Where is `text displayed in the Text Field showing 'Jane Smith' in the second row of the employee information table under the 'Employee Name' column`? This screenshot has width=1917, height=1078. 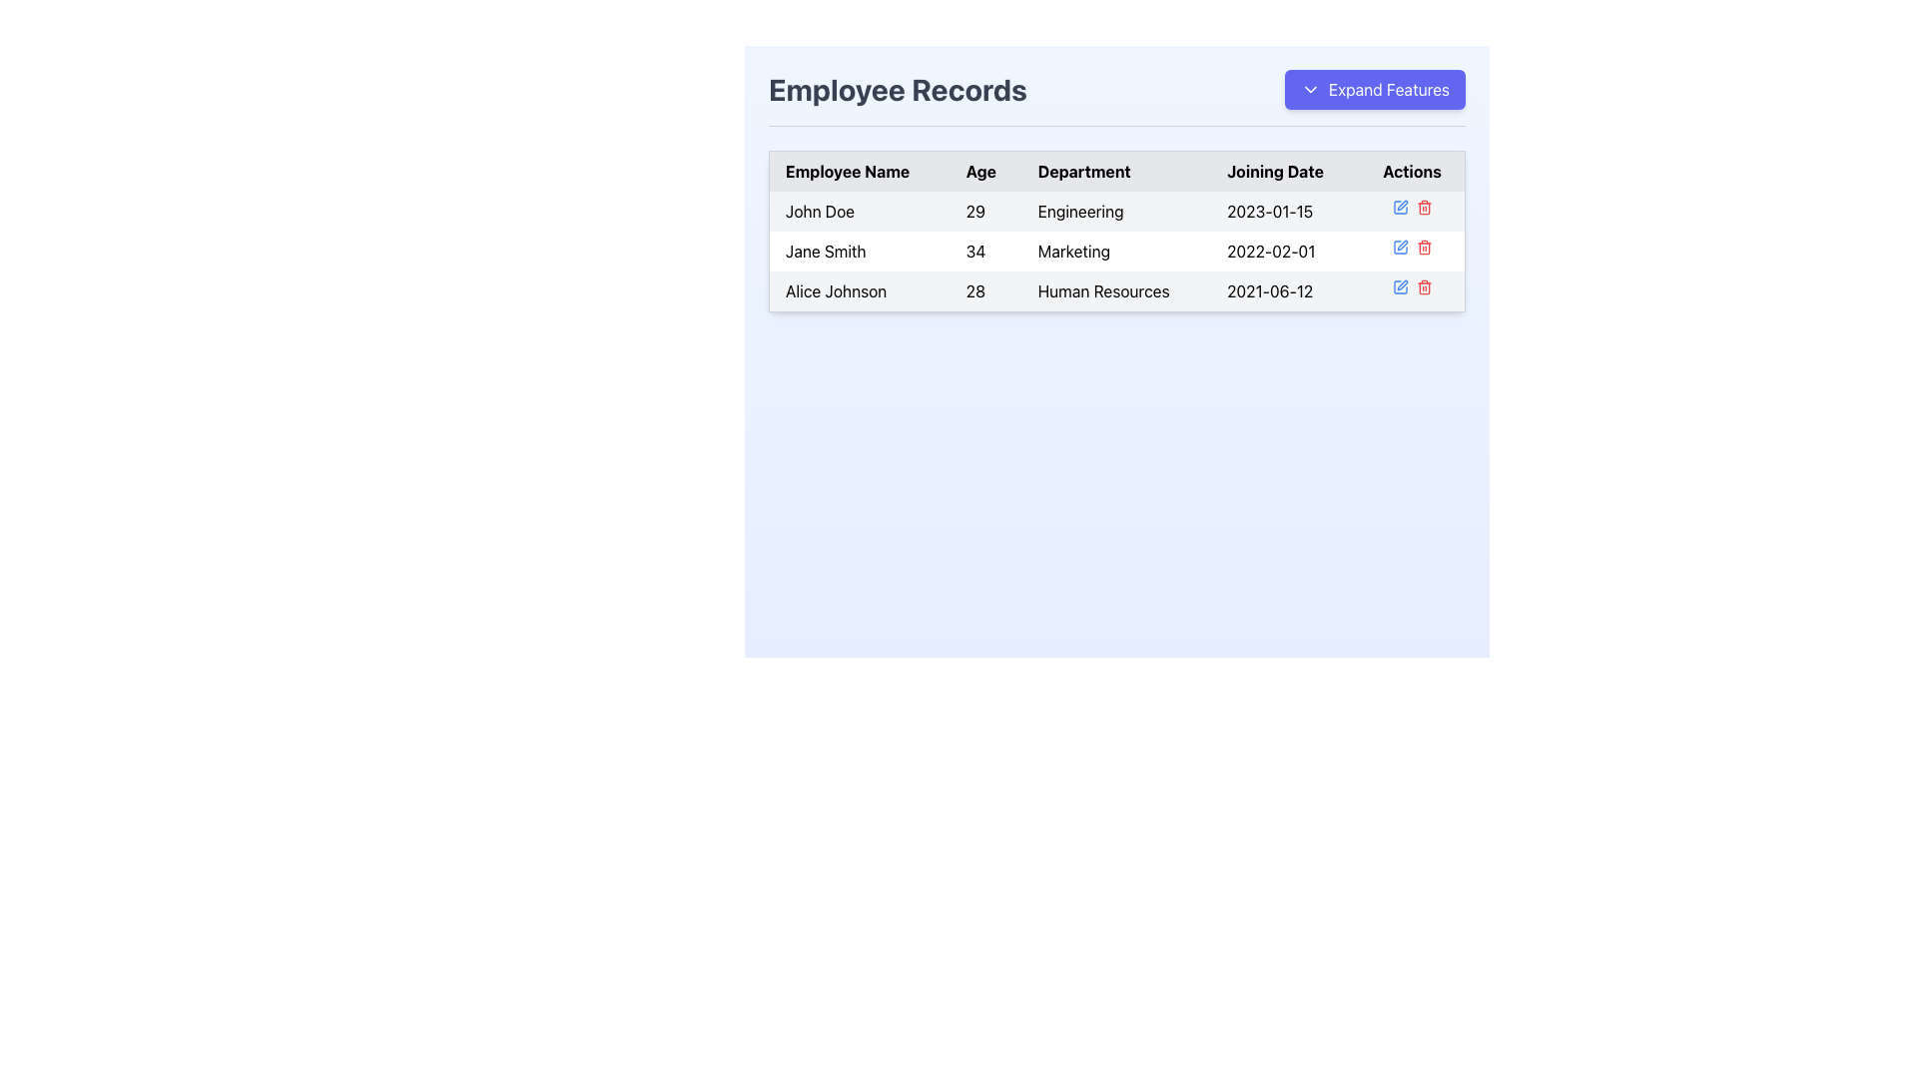
text displayed in the Text Field showing 'Jane Smith' in the second row of the employee information table under the 'Employee Name' column is located at coordinates (860, 250).